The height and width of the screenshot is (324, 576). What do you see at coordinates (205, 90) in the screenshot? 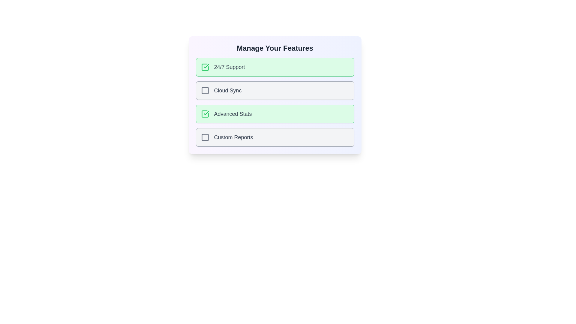
I see `the State indicator or toggle control, which is a small rectangle with rounded corners located inside a square, associated with the 'Cloud Sync' text` at bounding box center [205, 90].